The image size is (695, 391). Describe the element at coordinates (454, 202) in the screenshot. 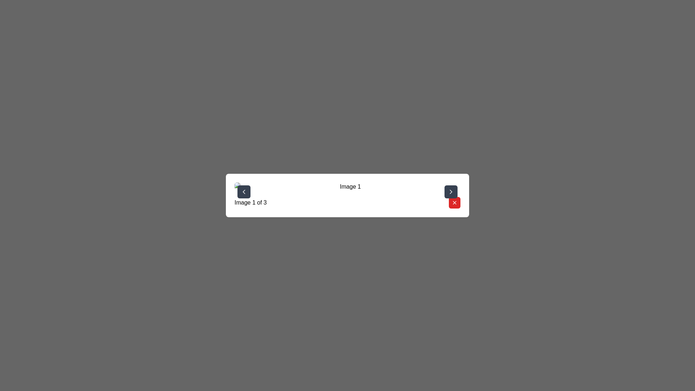

I see `the red square button with a white 'X' symbol in the bottom-right corner` at that location.